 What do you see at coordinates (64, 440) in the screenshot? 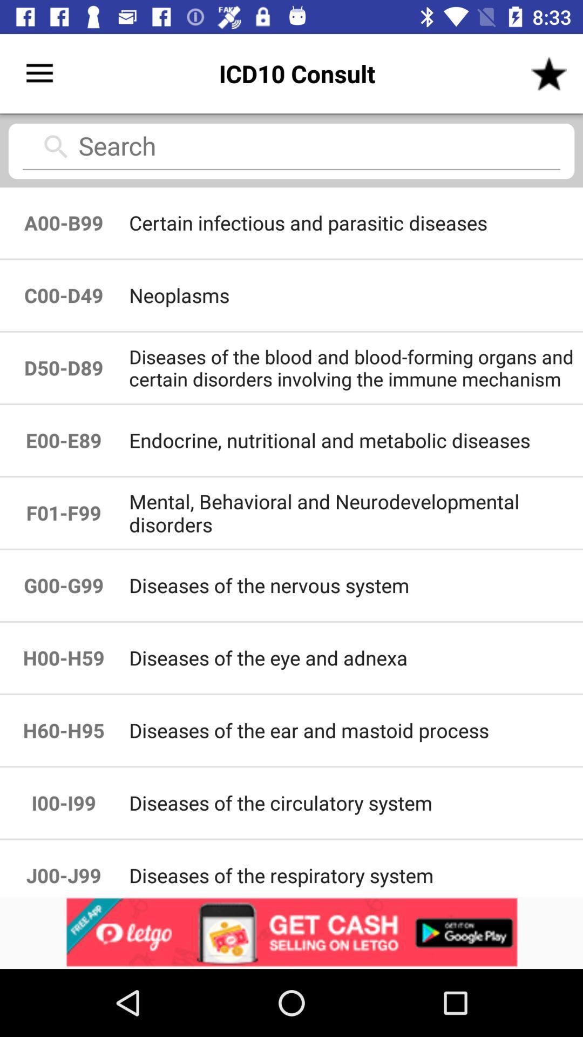
I see `item below the d50-d89` at bounding box center [64, 440].